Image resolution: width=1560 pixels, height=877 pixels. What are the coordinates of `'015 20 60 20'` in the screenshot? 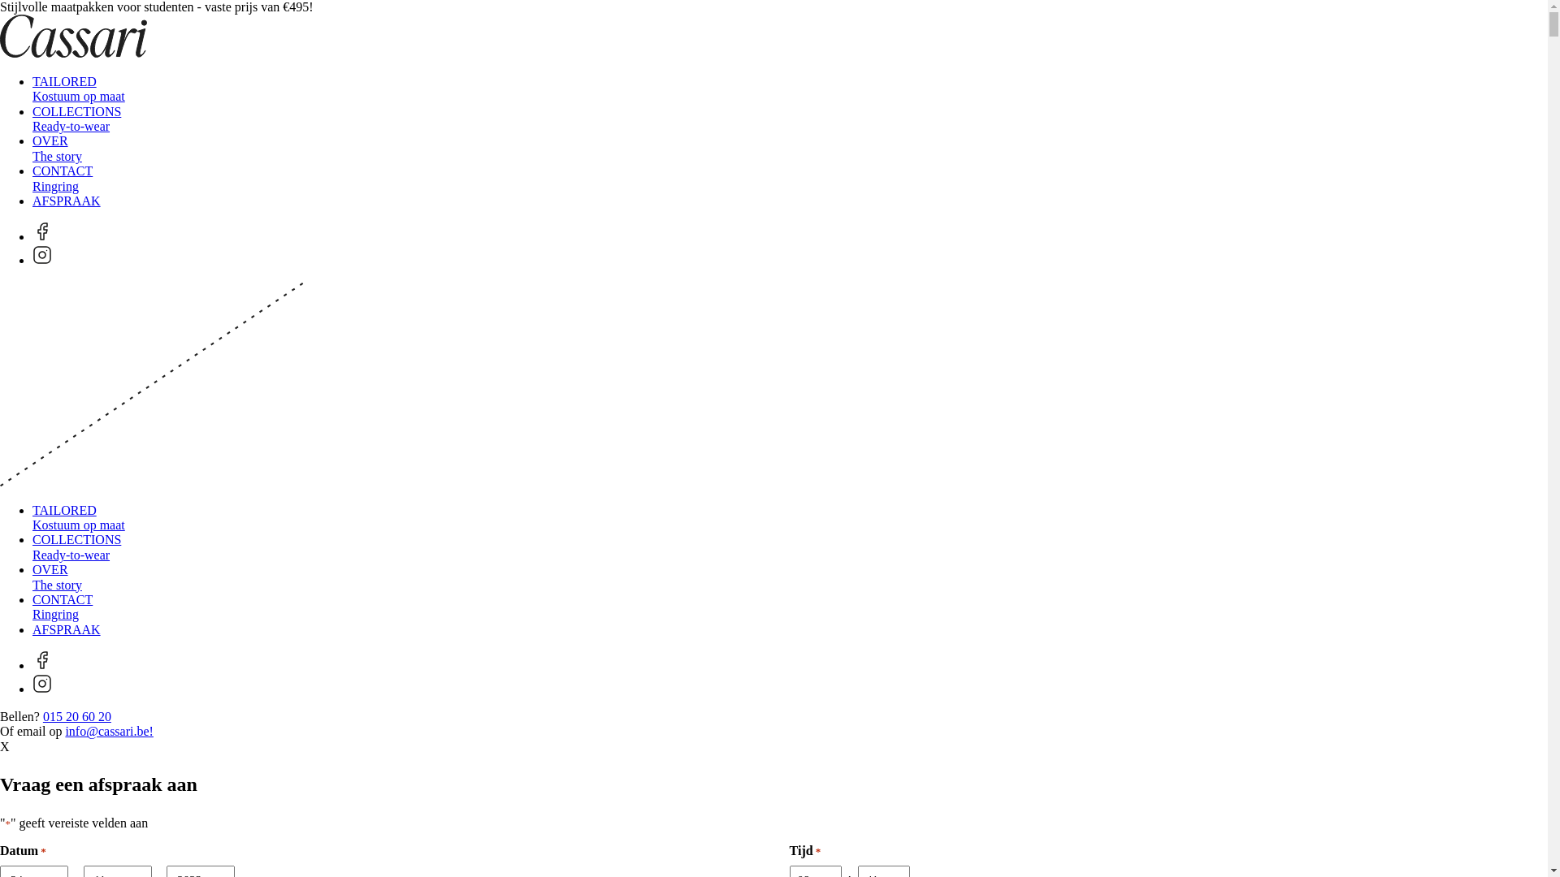 It's located at (76, 715).